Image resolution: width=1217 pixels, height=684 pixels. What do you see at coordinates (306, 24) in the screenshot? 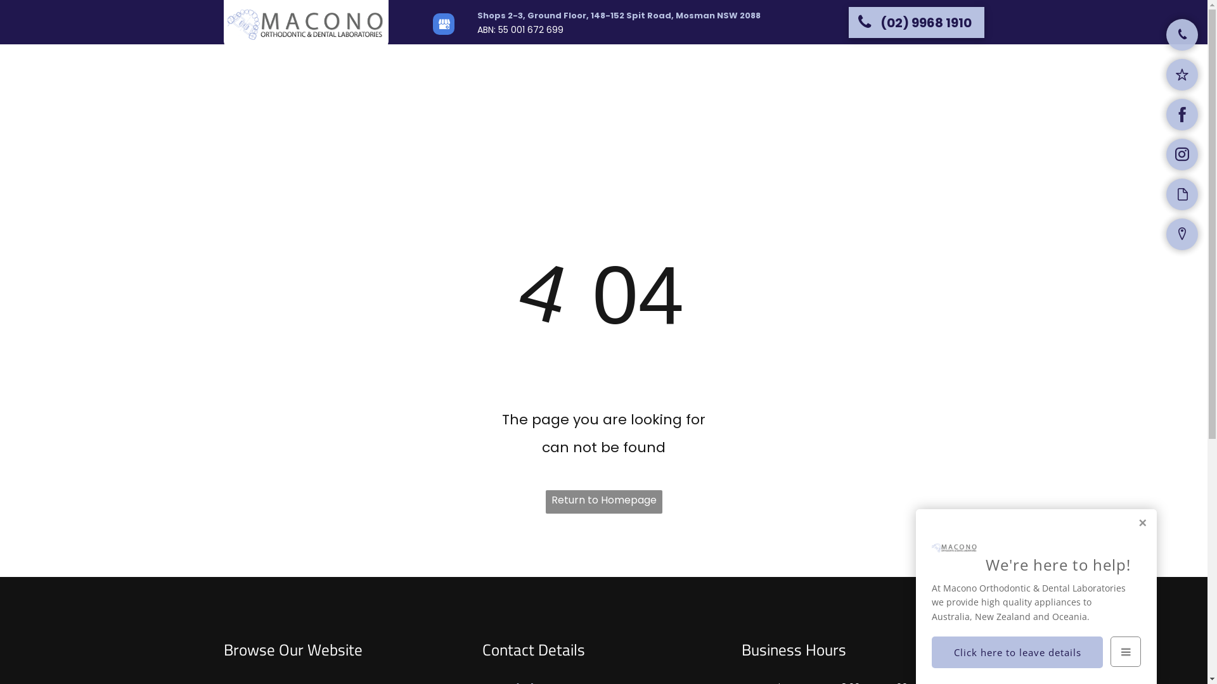
I see `'Macono Orthodontic & Dental Laboratories'` at bounding box center [306, 24].